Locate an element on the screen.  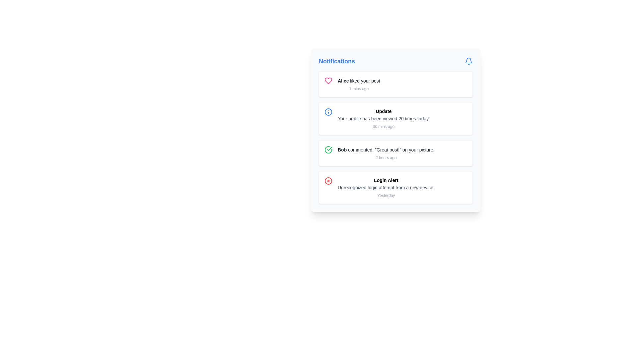
the static text notification displaying 'Alice liked your post', located within the first notification card and positioned beneath the 'Notifications' header is located at coordinates (358, 84).